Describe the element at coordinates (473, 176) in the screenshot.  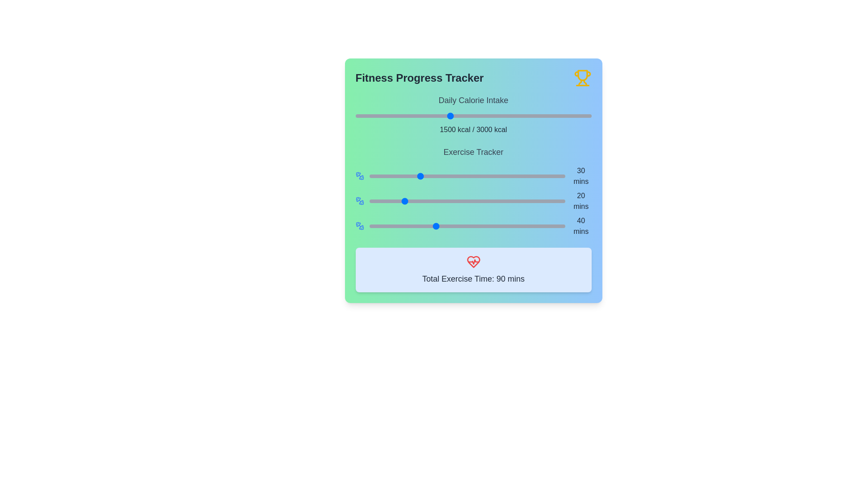
I see `the first Range Slider in the 'Exercise Tracker' section` at that location.